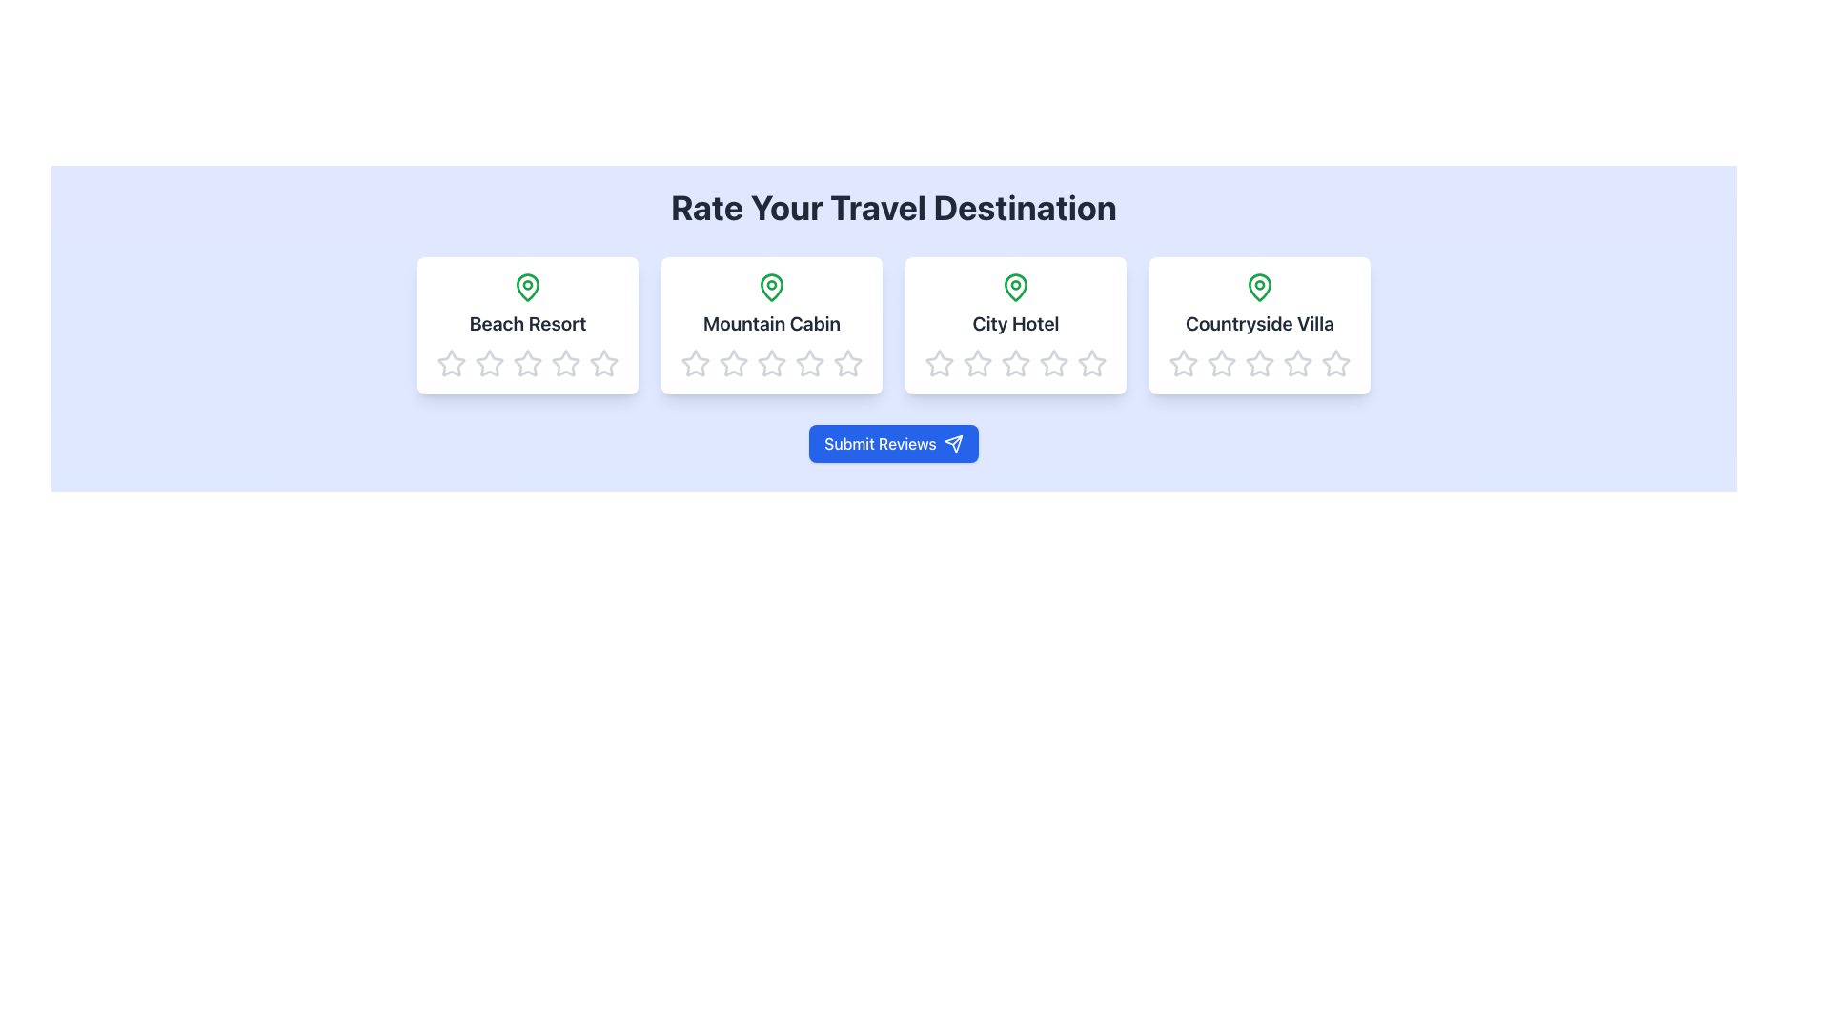 This screenshot has height=1029, width=1830. I want to click on blue paper-plane-shaped icon representing the 'Send' action, located at the far right end of the 'Submit Reviews' button, so click(953, 444).